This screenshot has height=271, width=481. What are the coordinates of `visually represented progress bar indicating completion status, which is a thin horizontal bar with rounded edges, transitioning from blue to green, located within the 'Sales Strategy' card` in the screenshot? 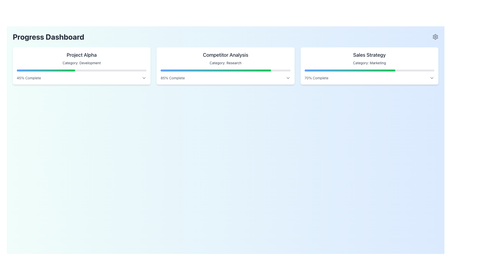 It's located at (369, 71).